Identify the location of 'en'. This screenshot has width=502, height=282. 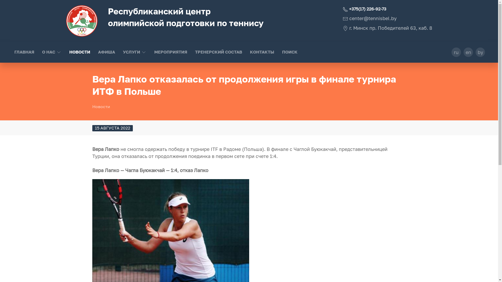
(463, 52).